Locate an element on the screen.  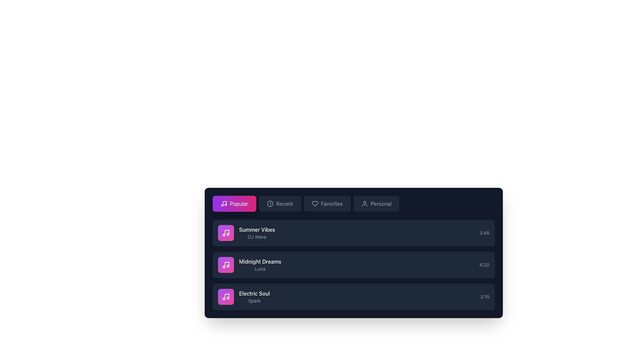
the 'Electric Soul' list item in the 'Popular' panel is located at coordinates (243, 297).